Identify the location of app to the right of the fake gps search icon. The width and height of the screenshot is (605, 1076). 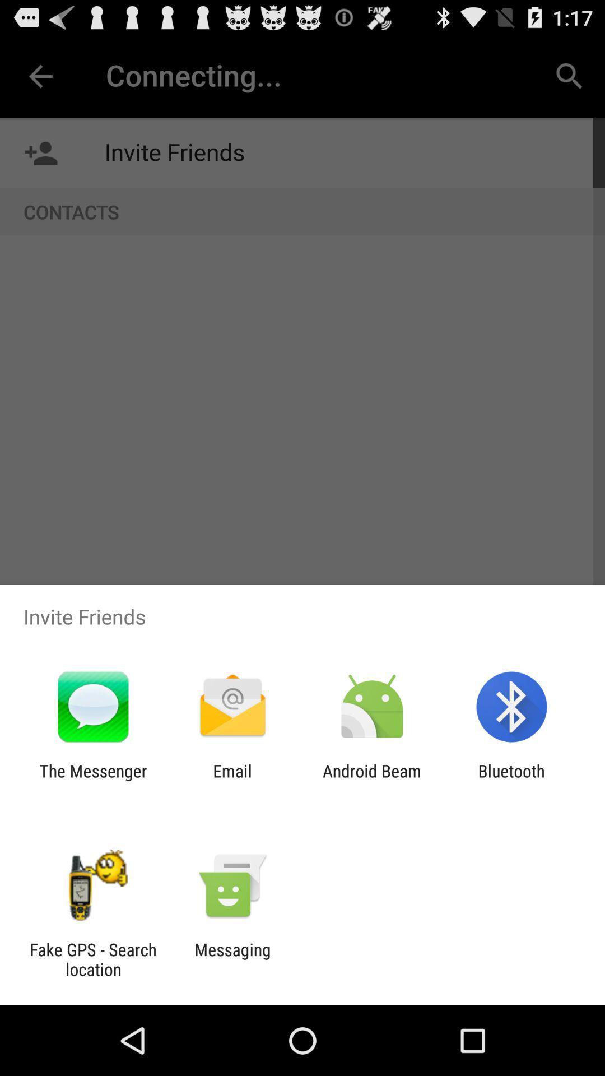
(232, 959).